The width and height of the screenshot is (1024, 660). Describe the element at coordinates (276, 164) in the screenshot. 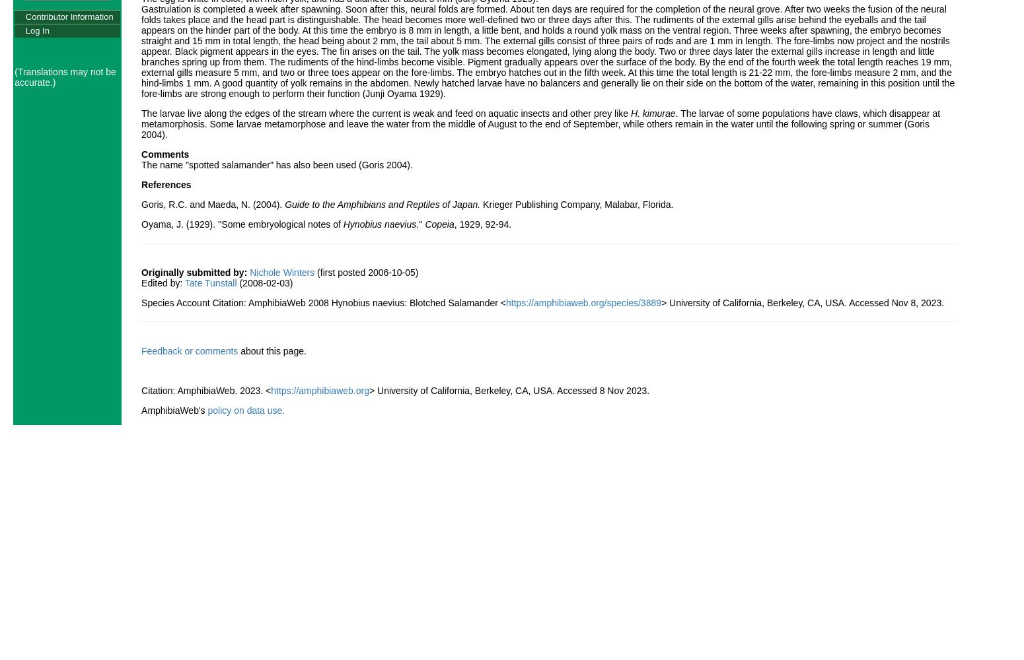

I see `'The name "spotted salamander" has also been used (Goris 2004).'` at that location.